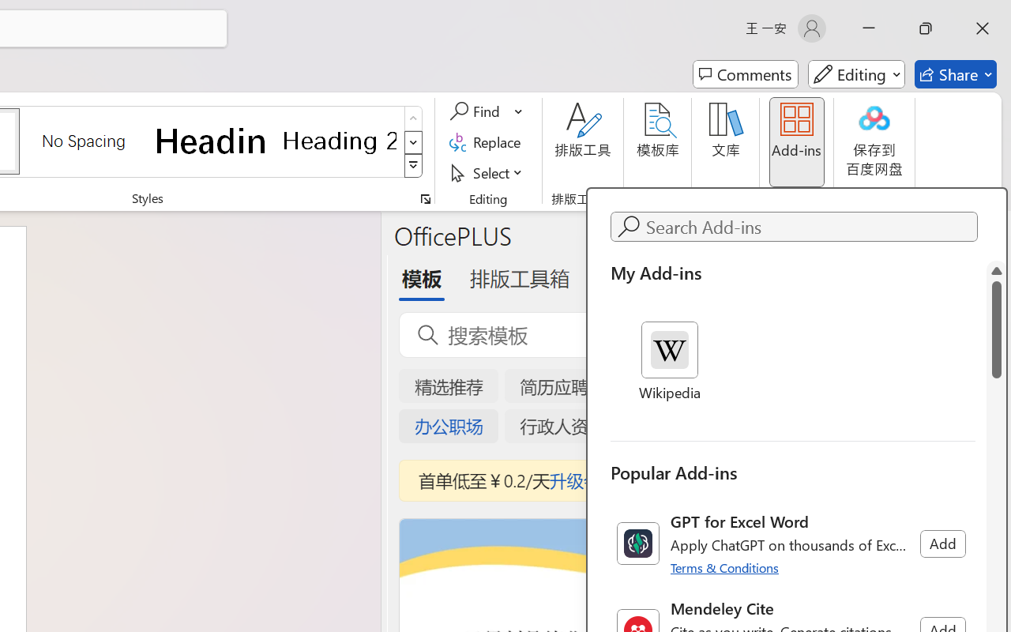 This screenshot has height=632, width=1011. Describe the element at coordinates (476, 111) in the screenshot. I see `'Find'` at that location.